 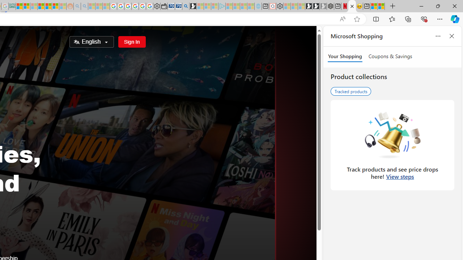 What do you see at coordinates (91, 42) in the screenshot?
I see `'Select Language'` at bounding box center [91, 42].